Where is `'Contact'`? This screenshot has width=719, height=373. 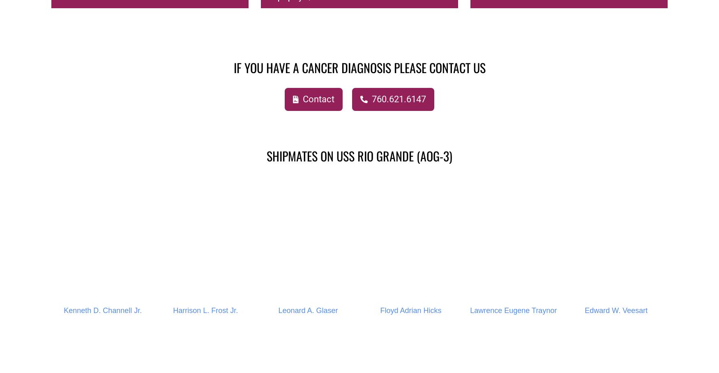
'Contact' is located at coordinates (301, 99).